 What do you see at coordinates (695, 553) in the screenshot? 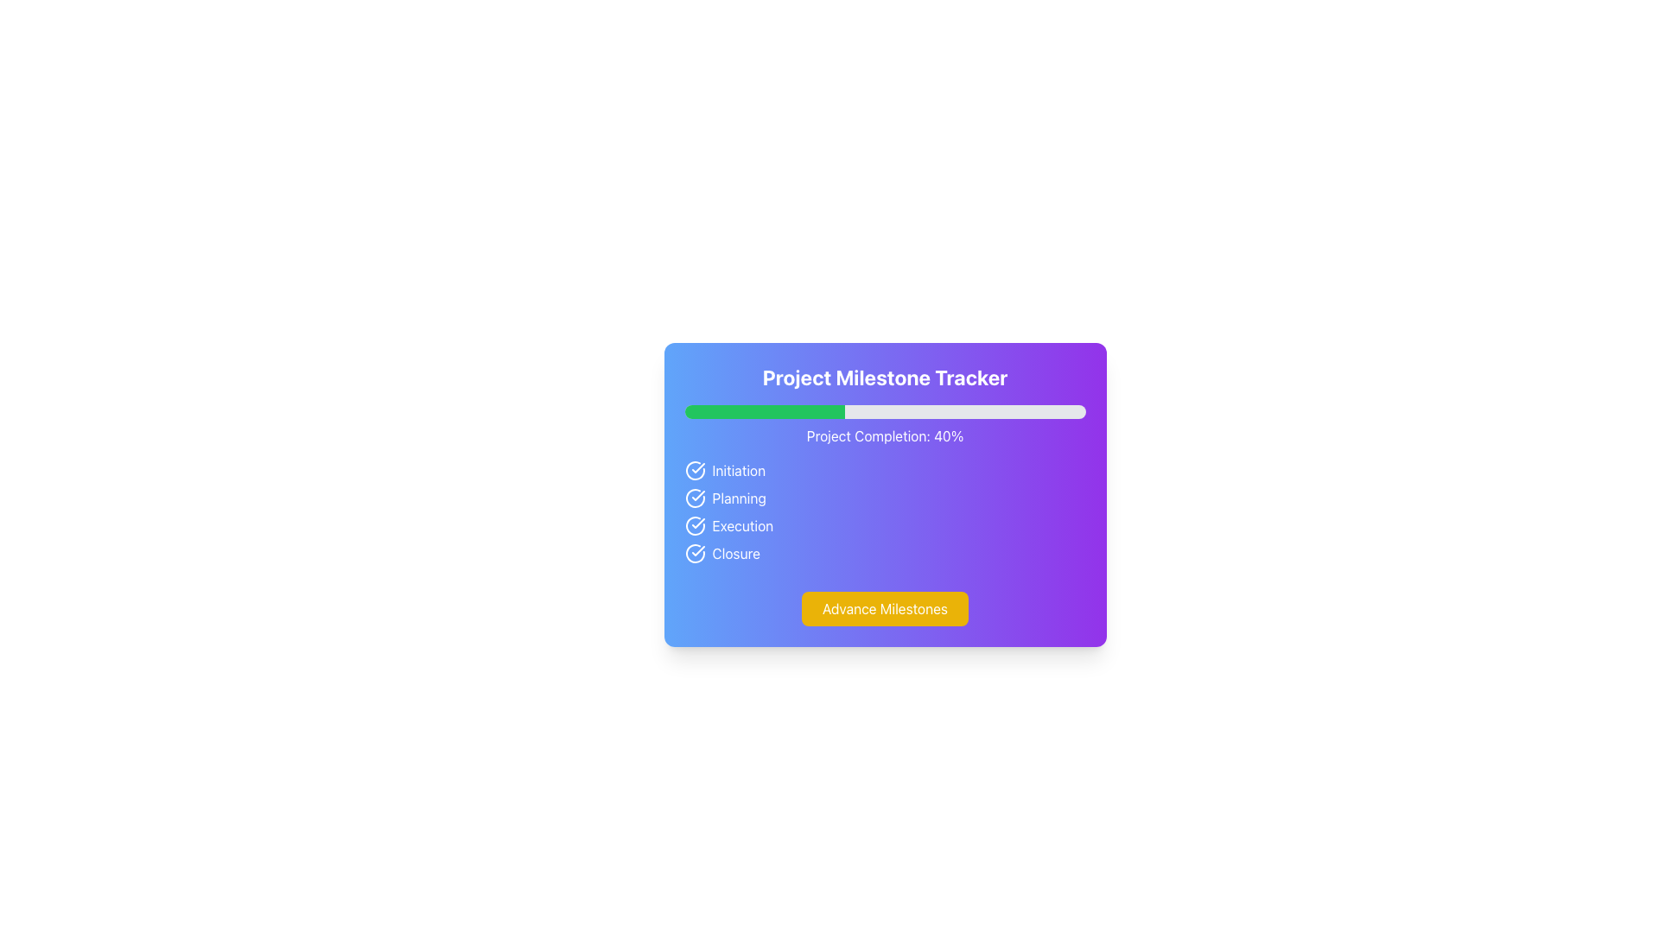
I see `the completion status of the milestone represented by the checkmark icon in the fourth position of the milestone list, indicating the 'Closure' milestone has been reached` at bounding box center [695, 553].